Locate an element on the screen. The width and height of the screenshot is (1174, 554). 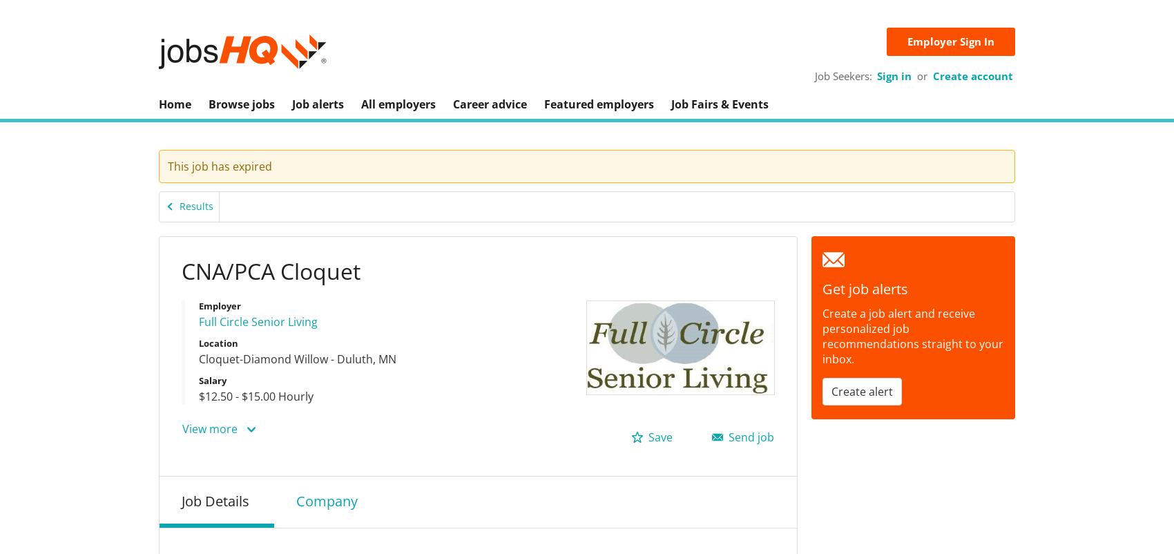
'Salary' is located at coordinates (213, 379).